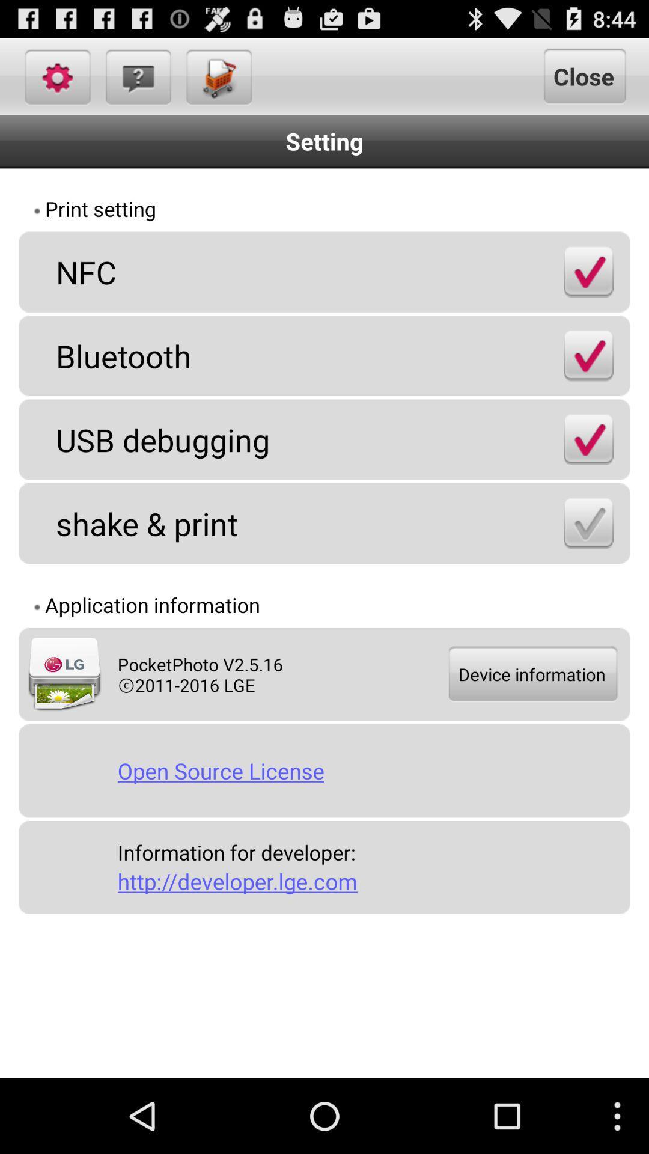 The image size is (649, 1154). I want to click on icon above setting, so click(218, 76).